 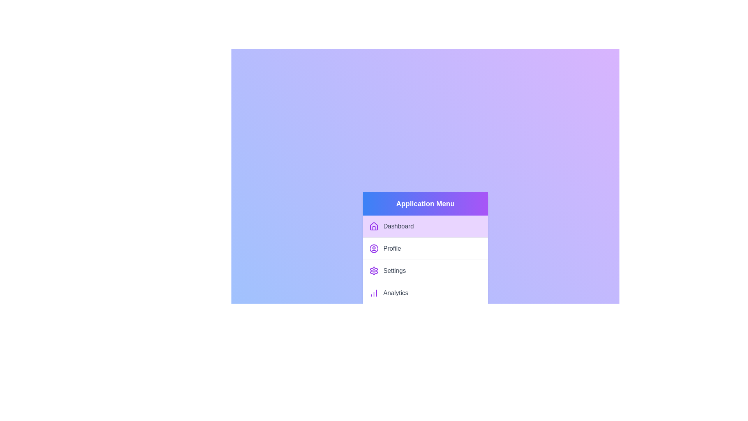 What do you see at coordinates (425, 270) in the screenshot?
I see `the menu item labeled Settings from the list` at bounding box center [425, 270].